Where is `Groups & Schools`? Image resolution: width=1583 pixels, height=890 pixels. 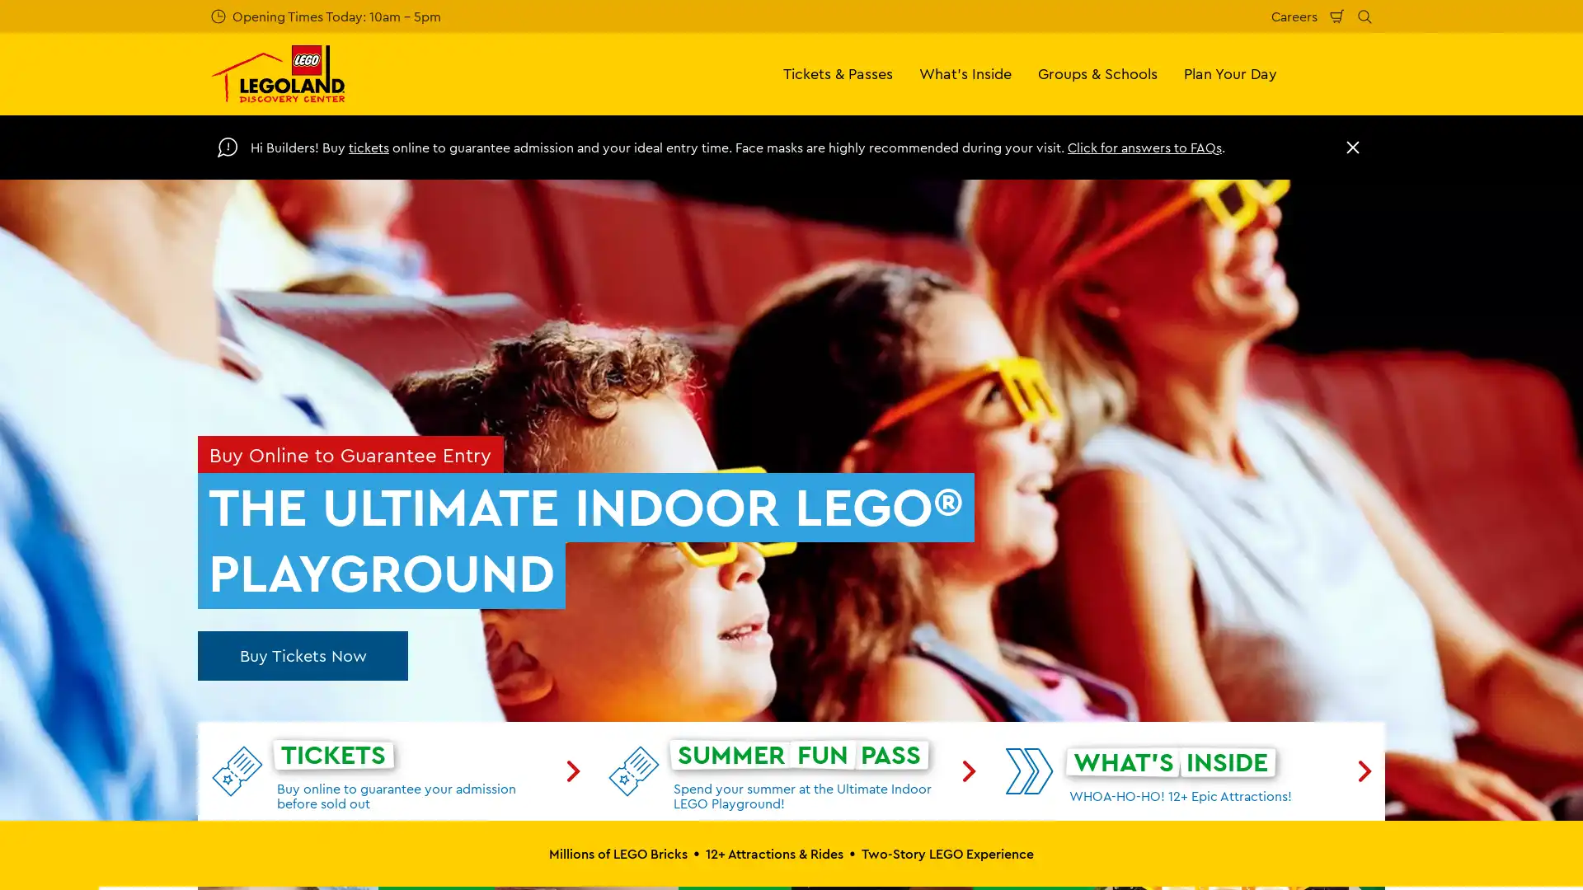
Groups & Schools is located at coordinates (1097, 73).